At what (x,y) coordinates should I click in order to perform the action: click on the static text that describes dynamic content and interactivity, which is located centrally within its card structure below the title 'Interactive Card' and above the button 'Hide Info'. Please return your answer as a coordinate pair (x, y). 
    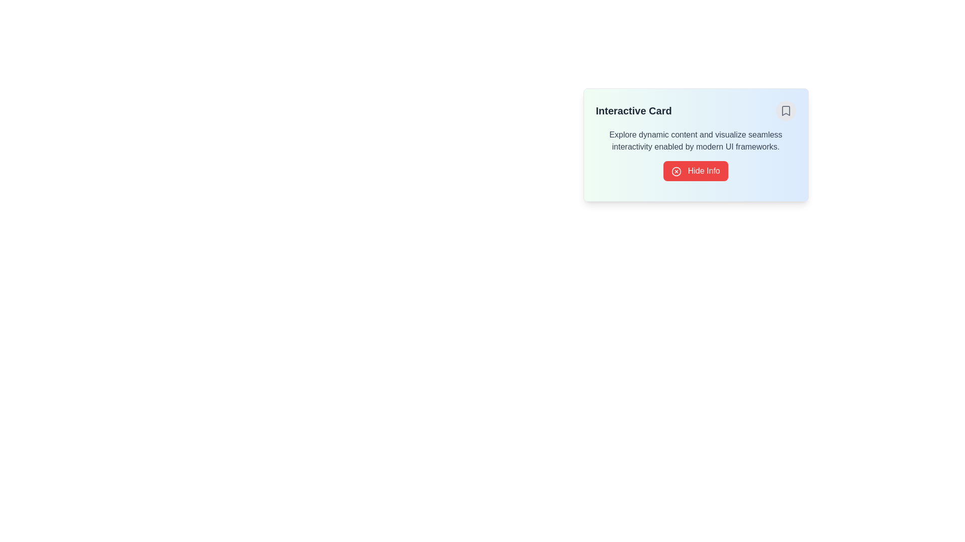
    Looking at the image, I should click on (695, 141).